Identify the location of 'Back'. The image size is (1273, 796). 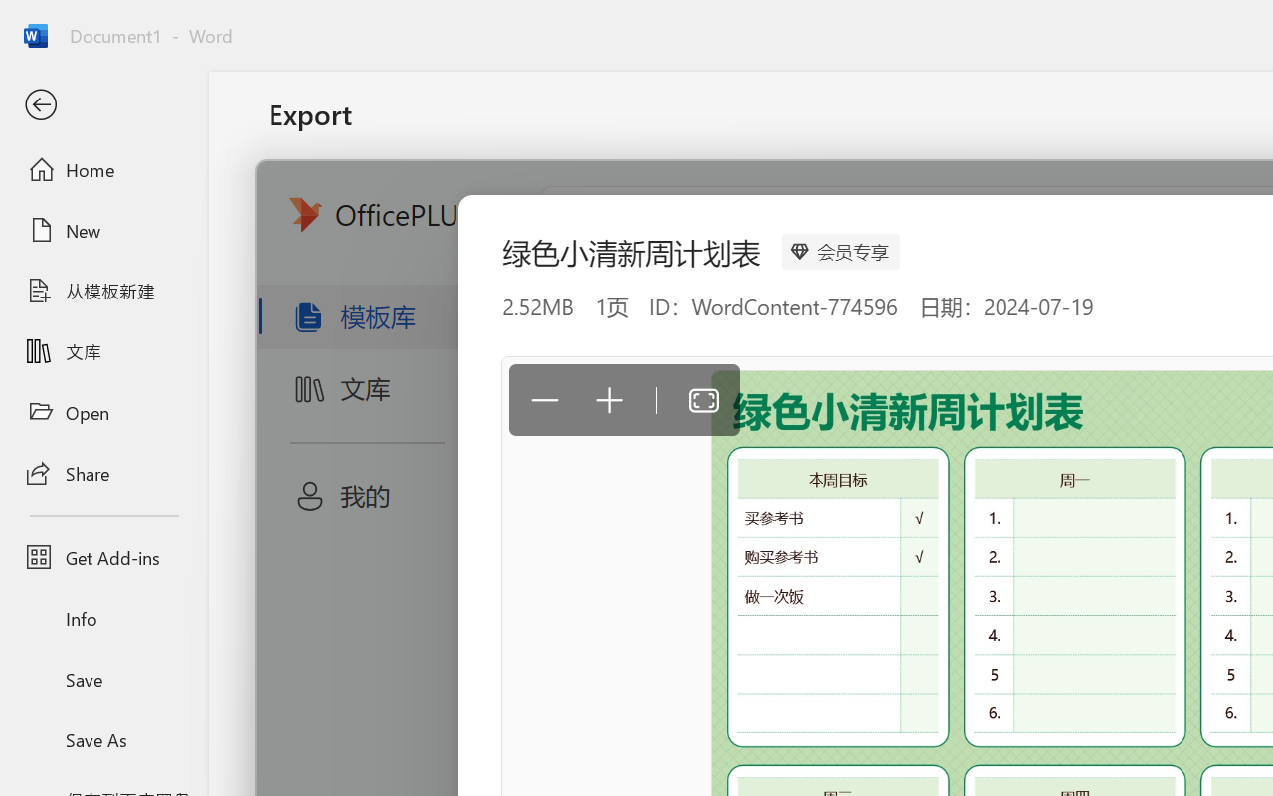
(102, 104).